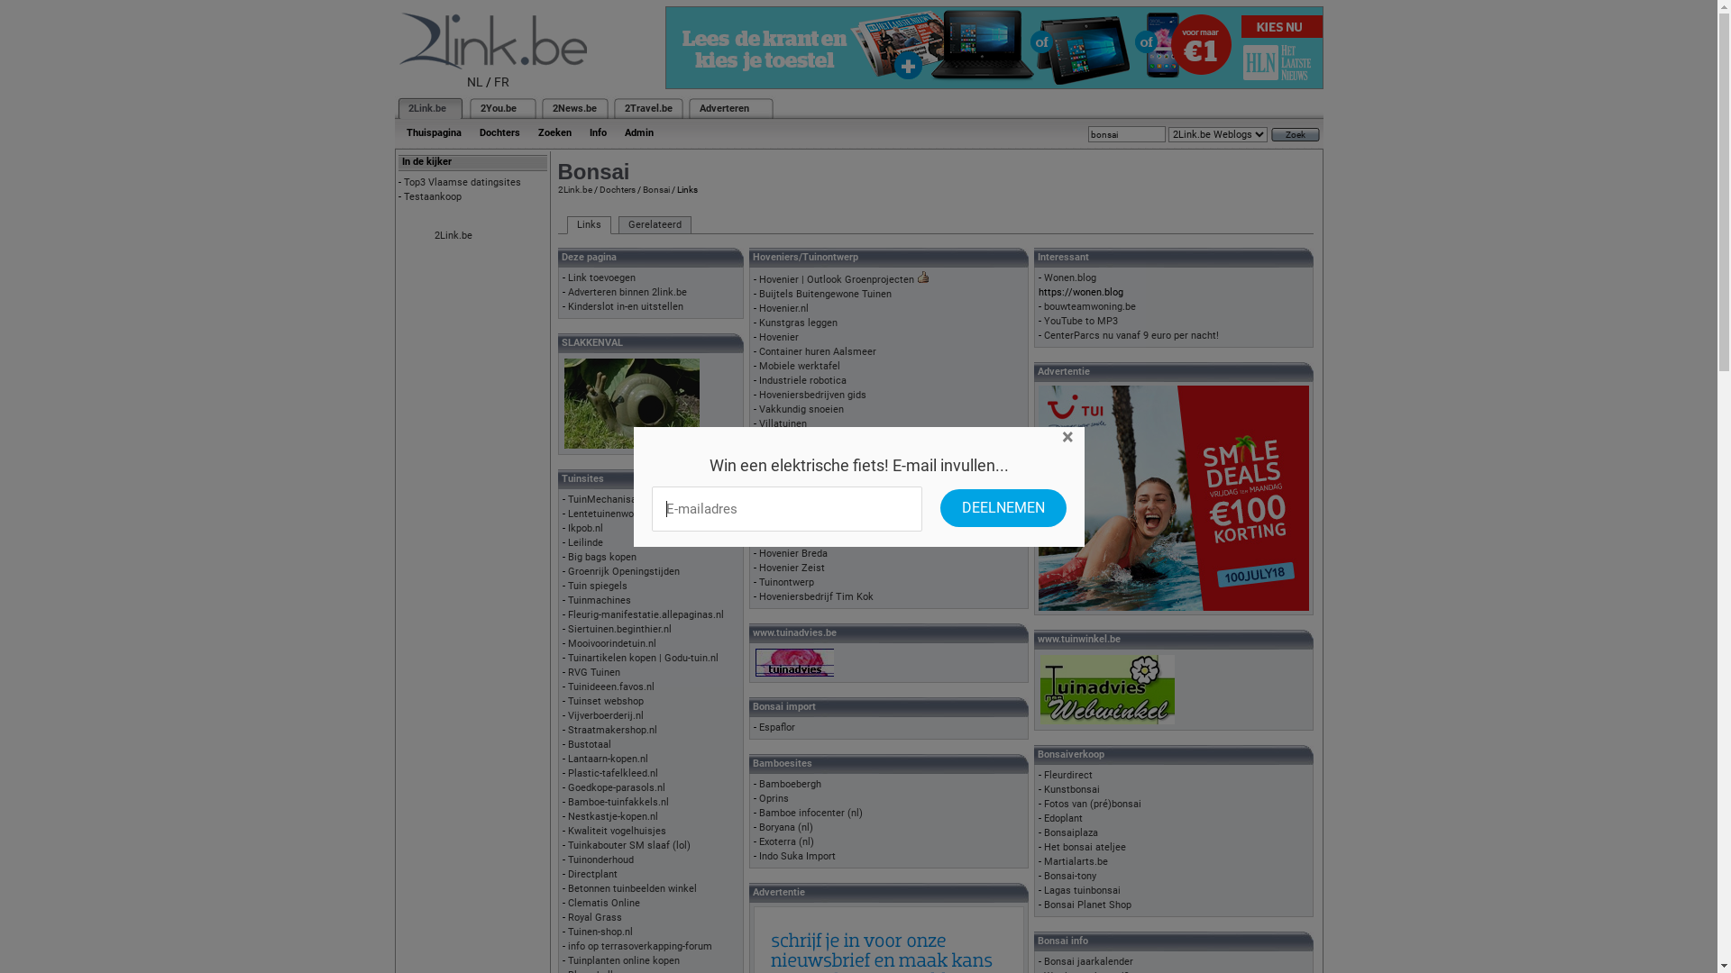 The width and height of the screenshot is (1731, 973). I want to click on 'NL', so click(467, 82).